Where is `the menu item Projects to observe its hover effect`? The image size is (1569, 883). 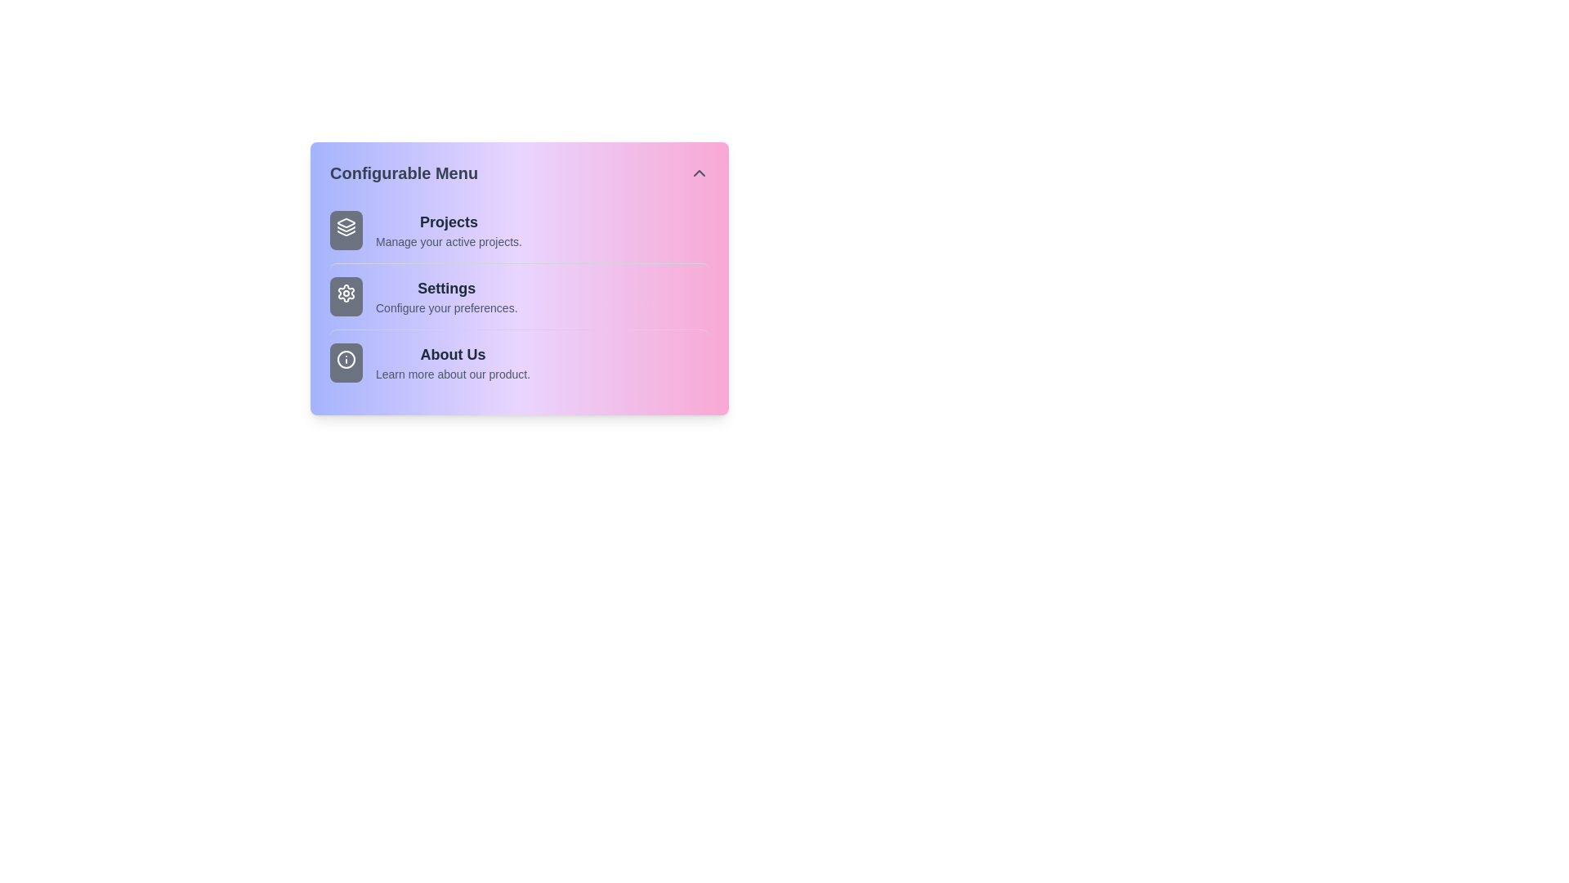
the menu item Projects to observe its hover effect is located at coordinates (518, 230).